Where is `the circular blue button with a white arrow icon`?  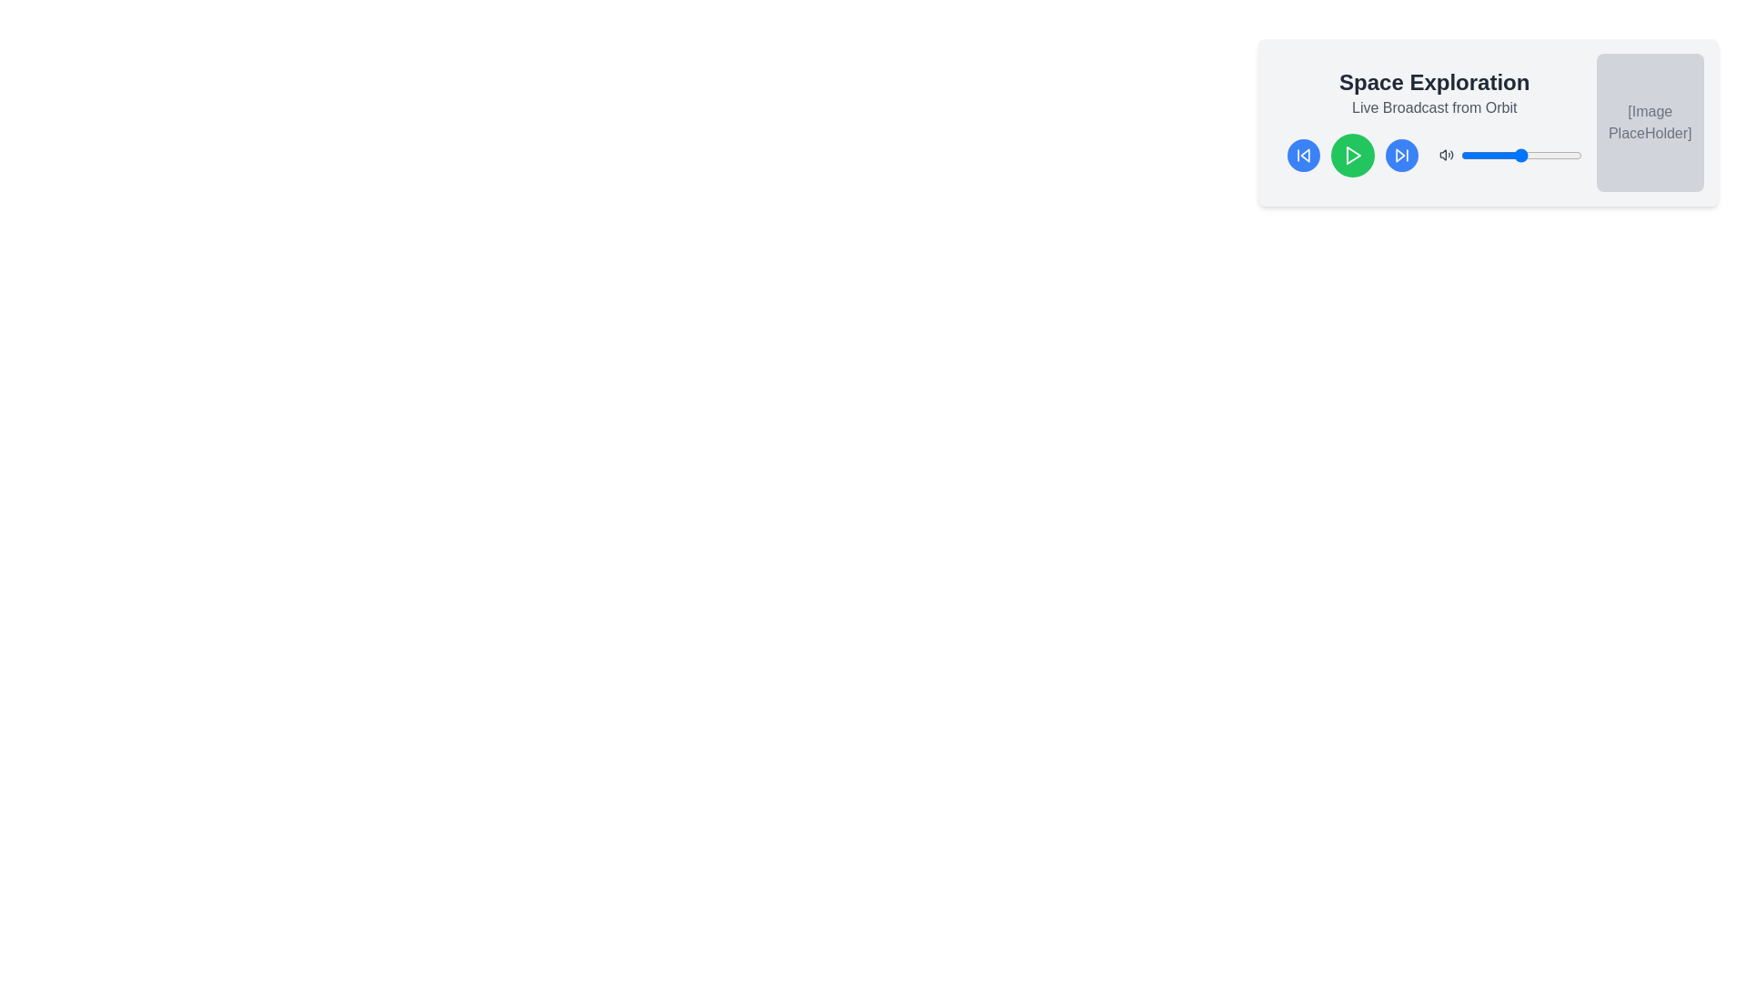 the circular blue button with a white arrow icon is located at coordinates (1400, 154).